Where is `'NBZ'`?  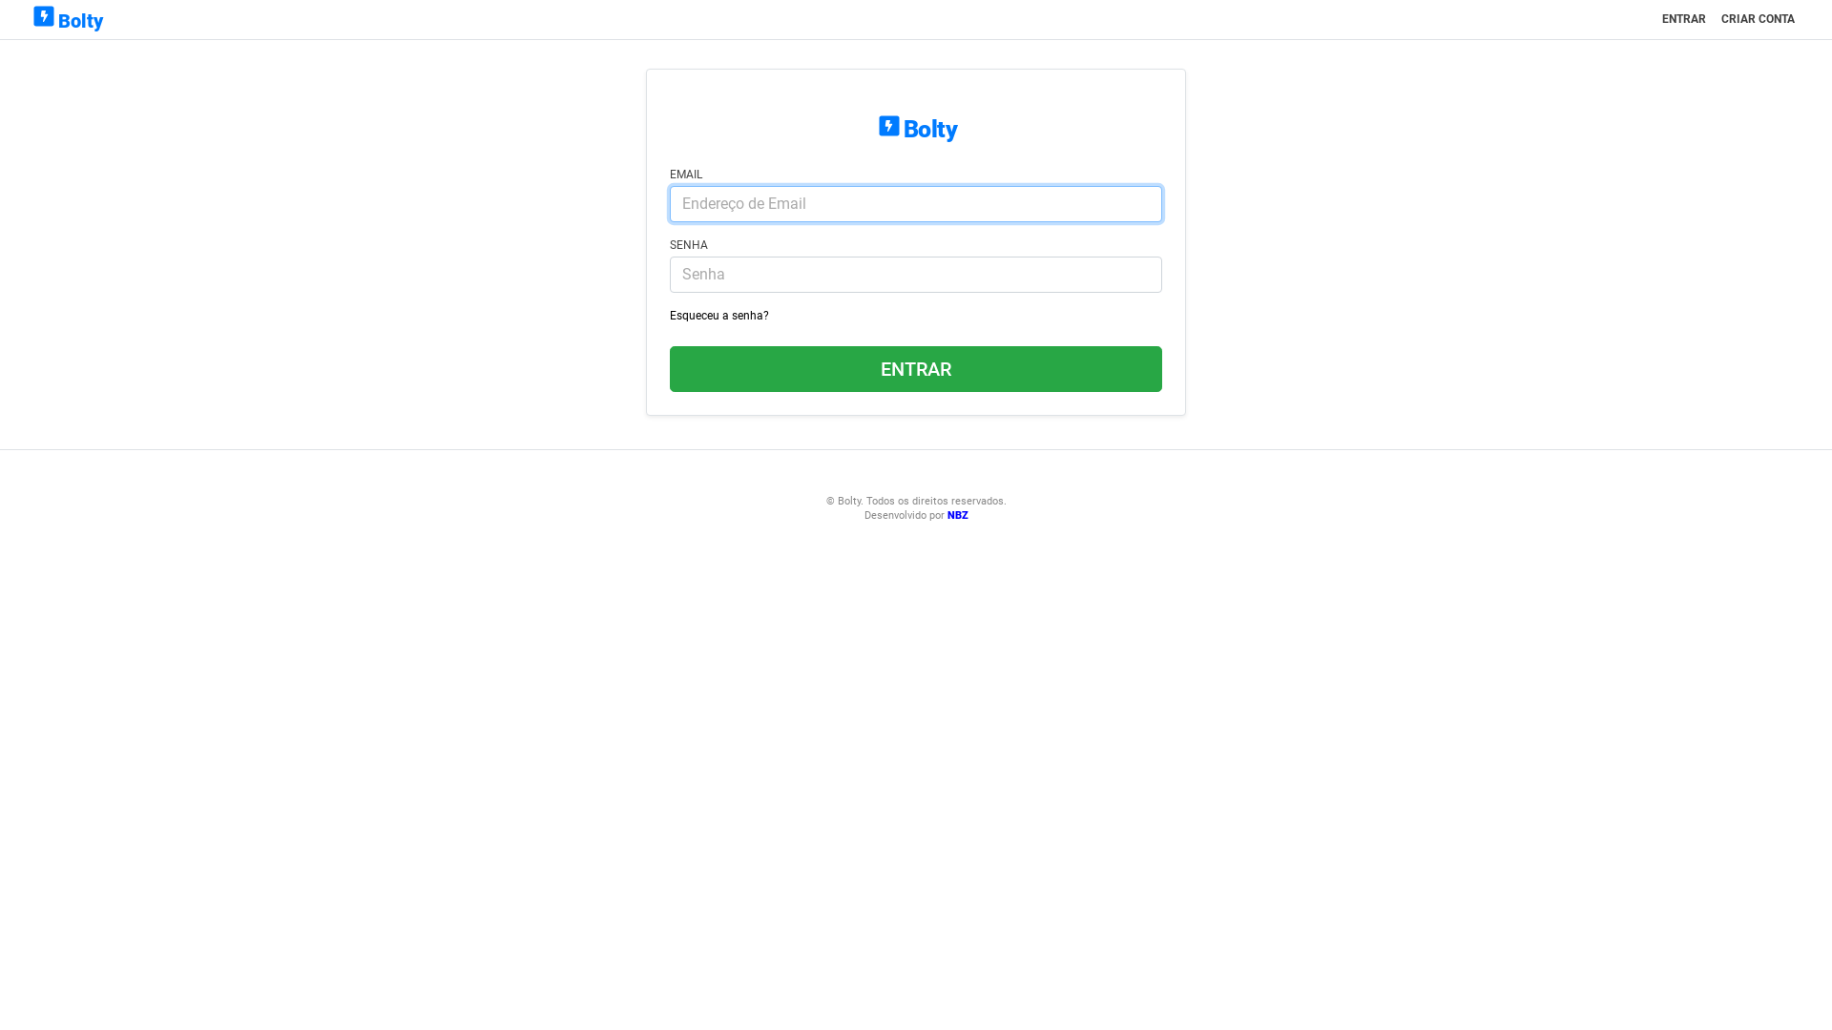
'NBZ' is located at coordinates (957, 515).